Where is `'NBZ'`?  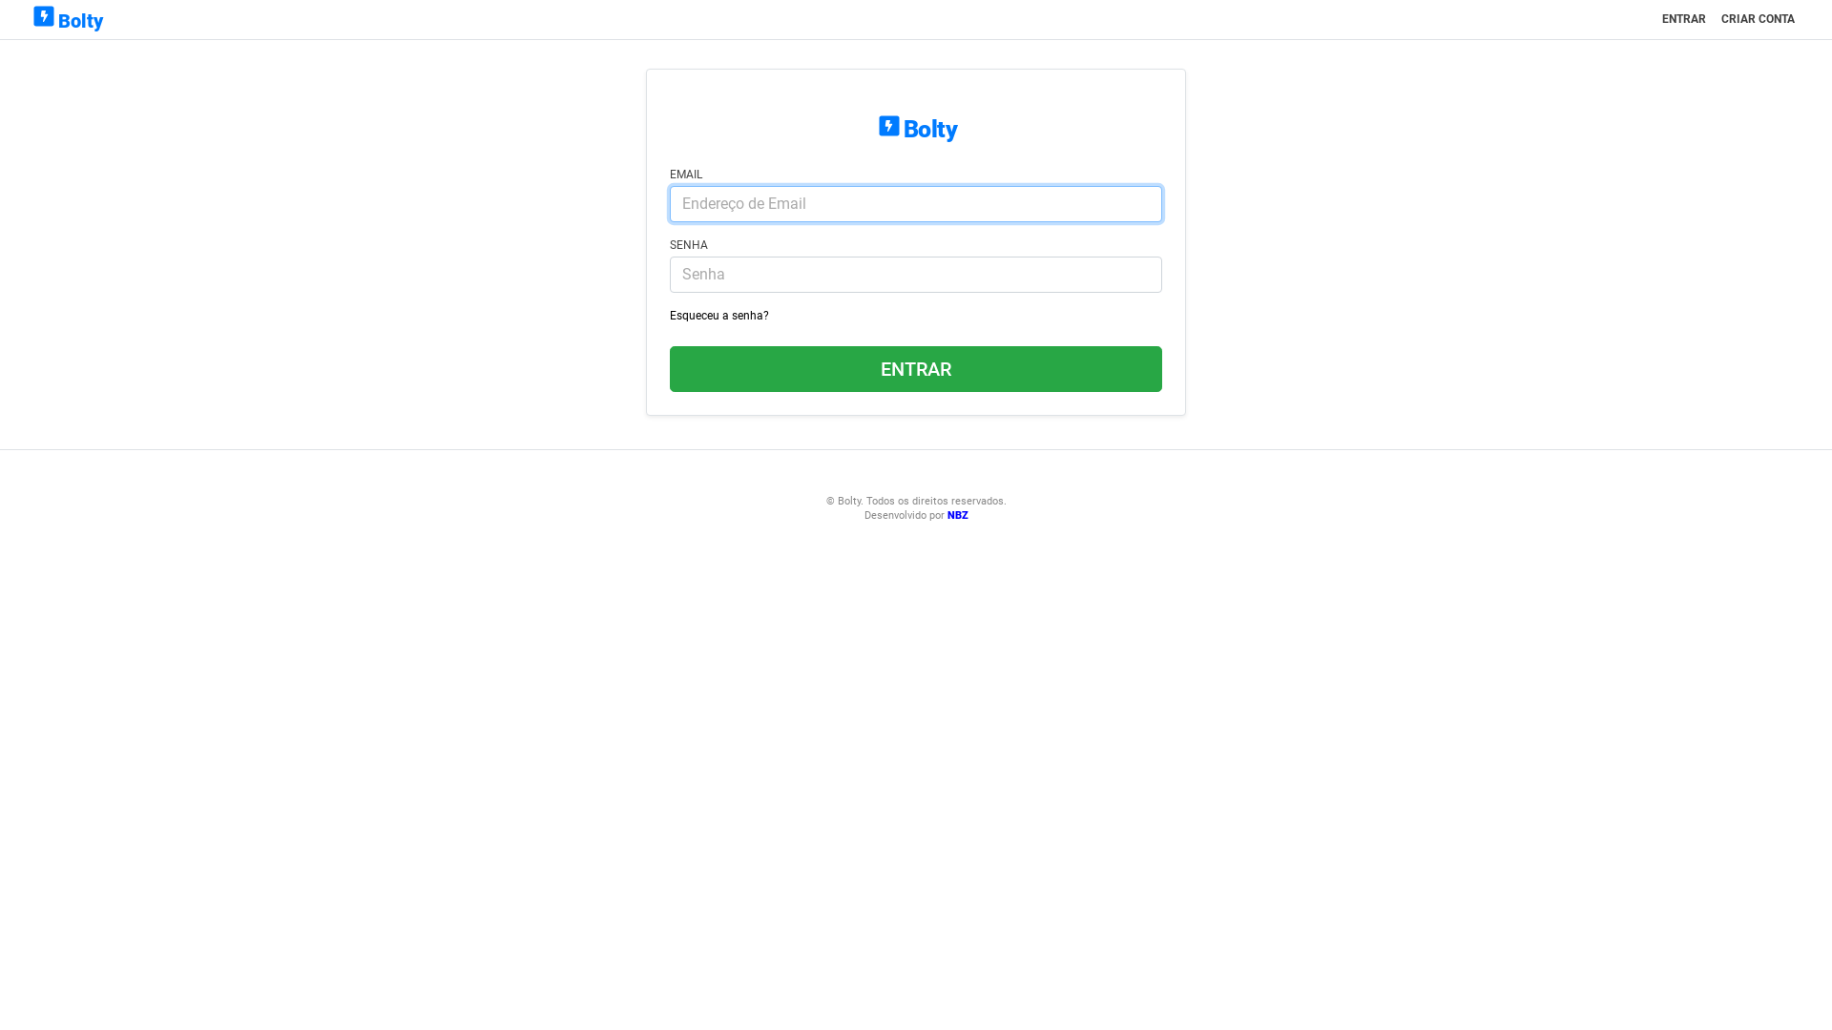
'NBZ' is located at coordinates (957, 515).